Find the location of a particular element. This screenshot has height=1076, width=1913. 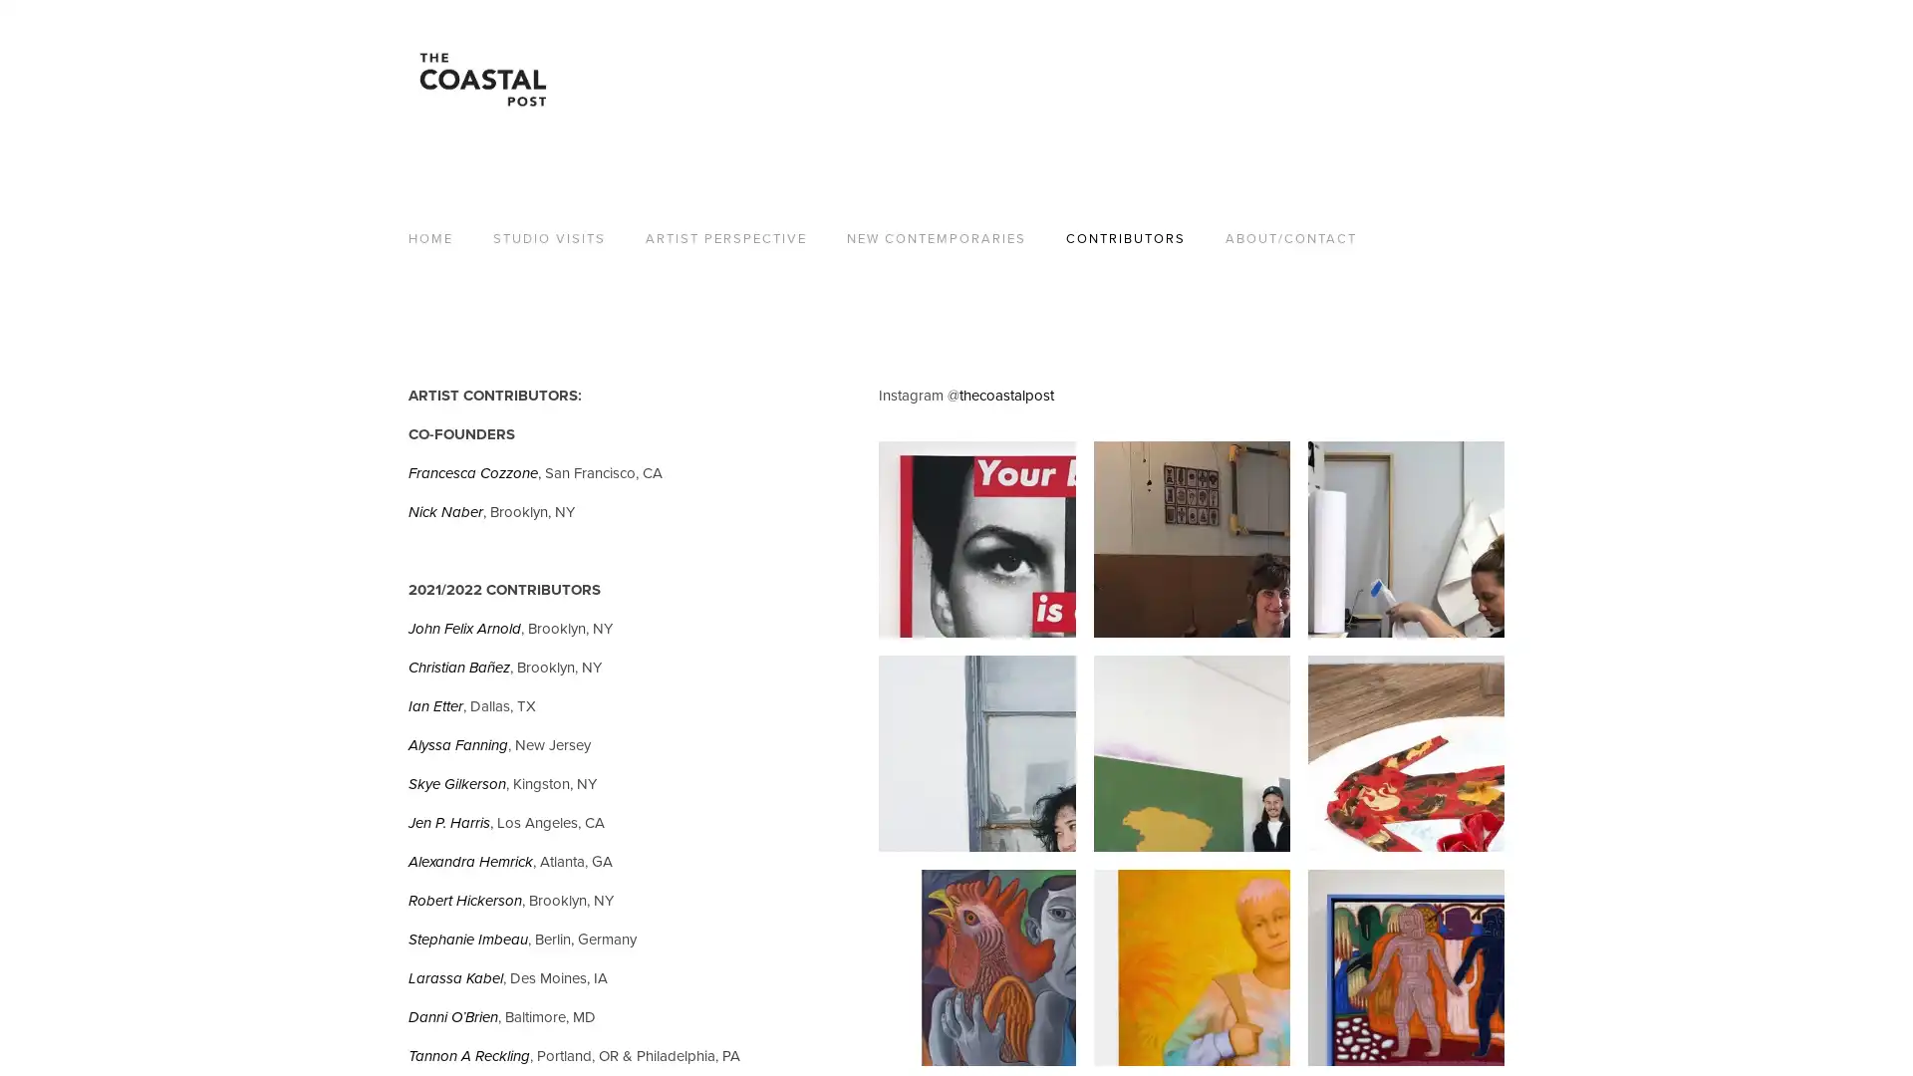

View fullsize Barbra Kruger // Untitled (Your body is a battleground), 1989 // photographic silkscreen on vinyl // 112 x 112 in. &bull; Resources can be found in our Linktree is located at coordinates (976, 539).